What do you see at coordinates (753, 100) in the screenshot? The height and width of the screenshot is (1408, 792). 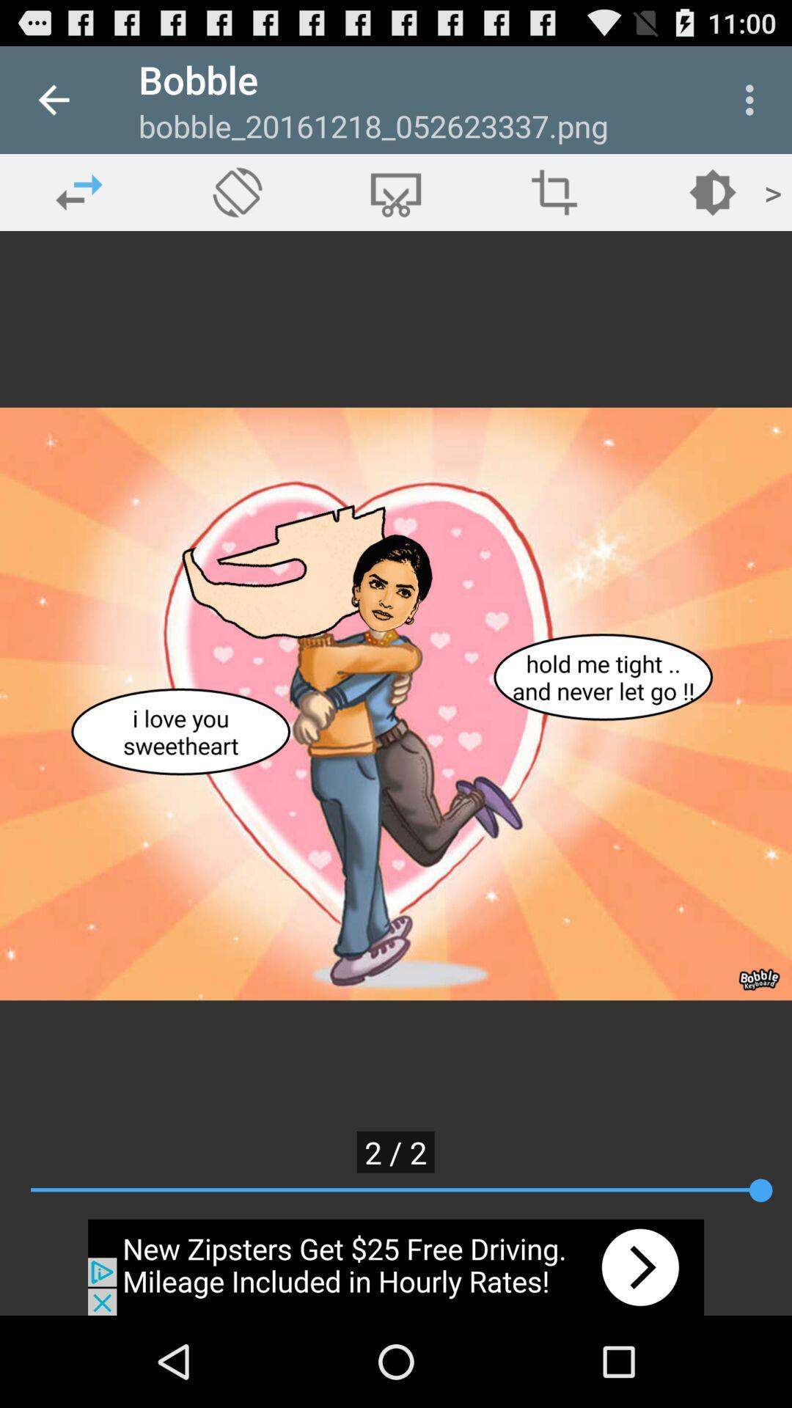 I see `the option menu which is in the right corner of the screen` at bounding box center [753, 100].